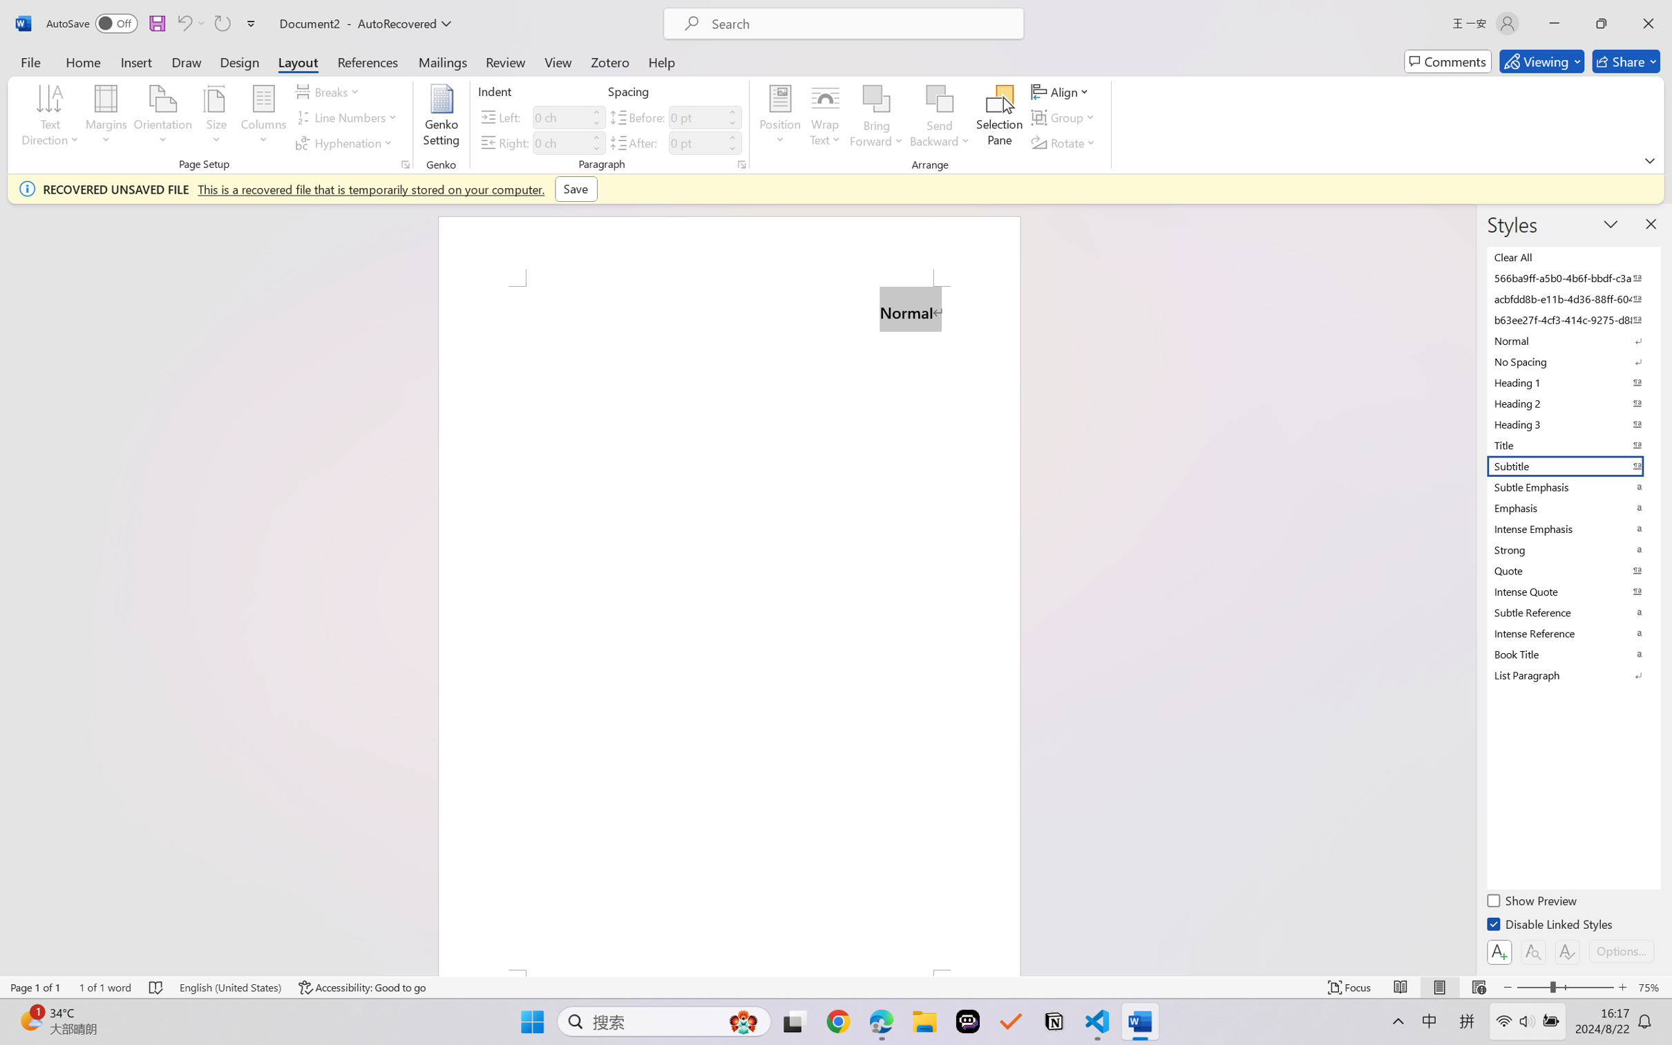  I want to click on 'Line Numbers', so click(348, 117).